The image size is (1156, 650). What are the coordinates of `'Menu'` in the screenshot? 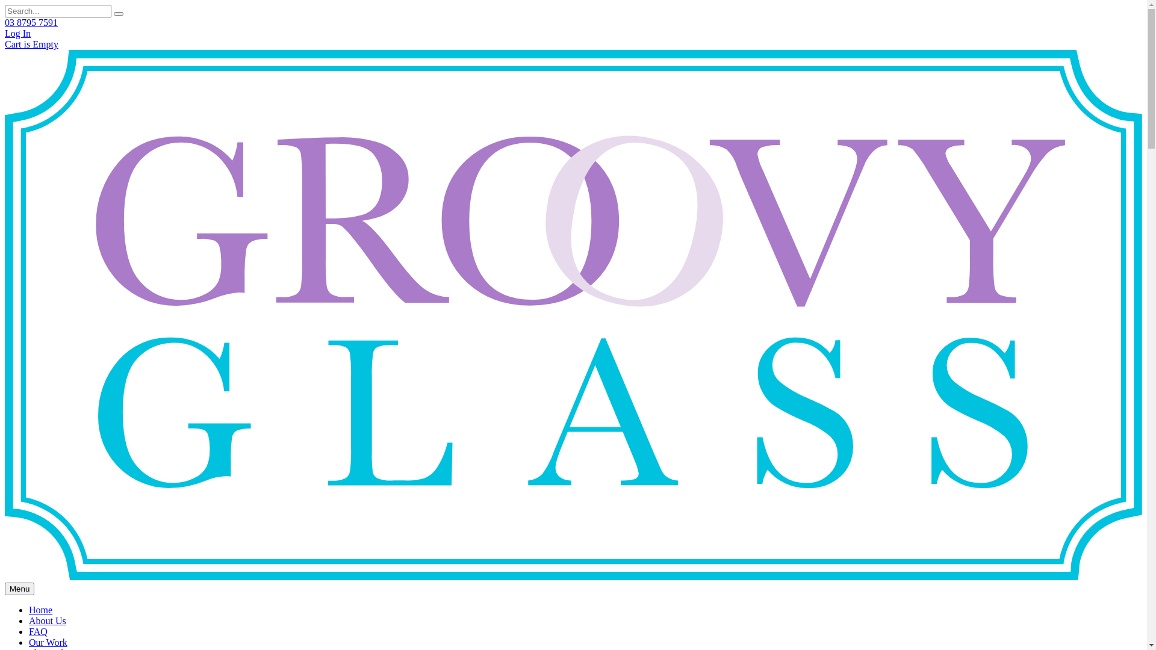 It's located at (19, 588).